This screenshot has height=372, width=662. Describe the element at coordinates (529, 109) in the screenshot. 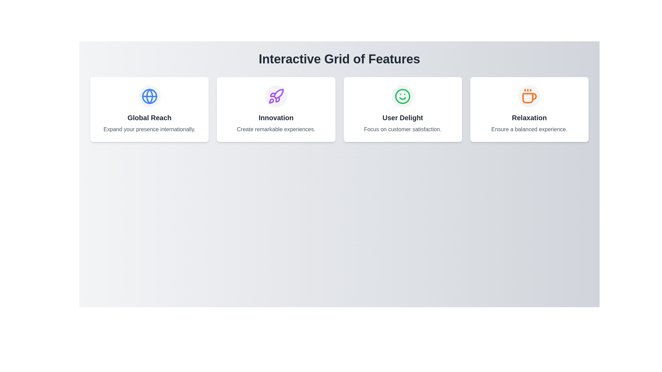

I see `the 'Relaxation' feature card, which is the last card in a four-column grid layout, positioned to the far right after the 'User Delight' card` at that location.